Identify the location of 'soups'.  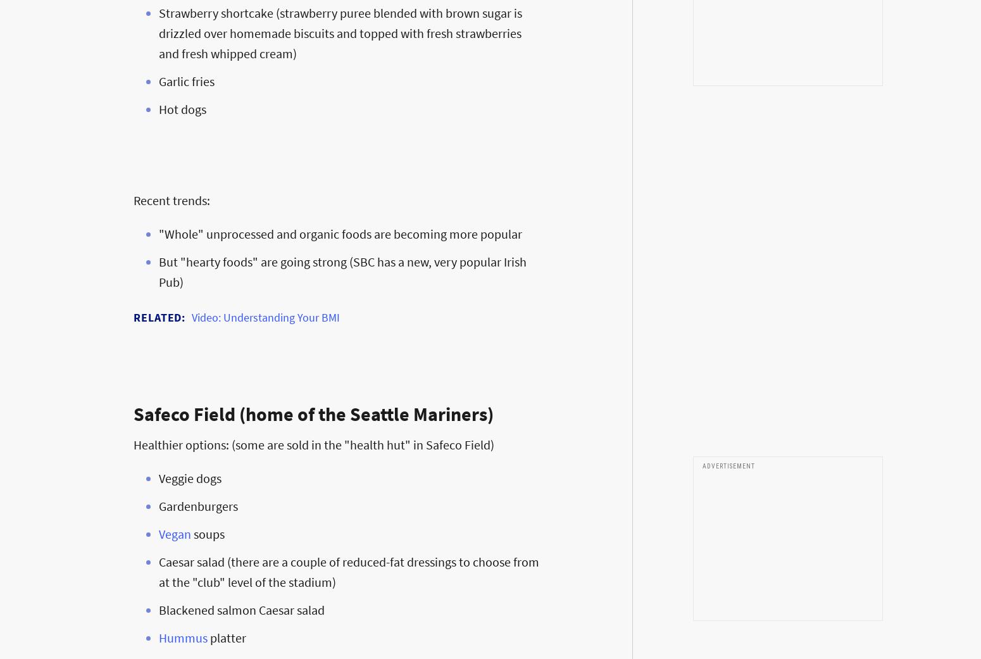
(207, 533).